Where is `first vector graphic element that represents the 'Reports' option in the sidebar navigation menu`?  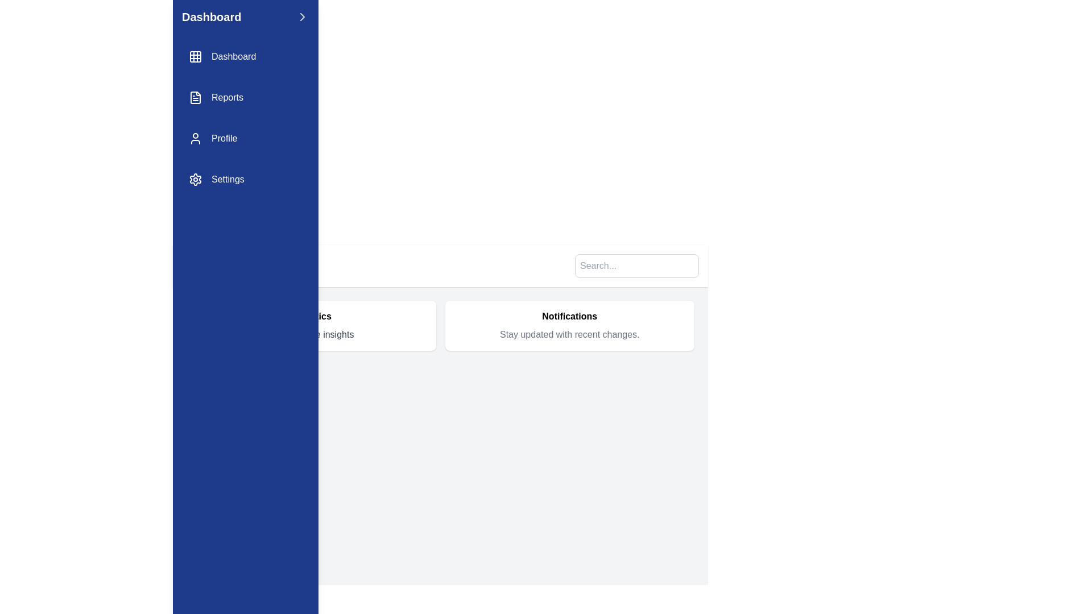 first vector graphic element that represents the 'Reports' option in the sidebar navigation menu is located at coordinates (196, 97).